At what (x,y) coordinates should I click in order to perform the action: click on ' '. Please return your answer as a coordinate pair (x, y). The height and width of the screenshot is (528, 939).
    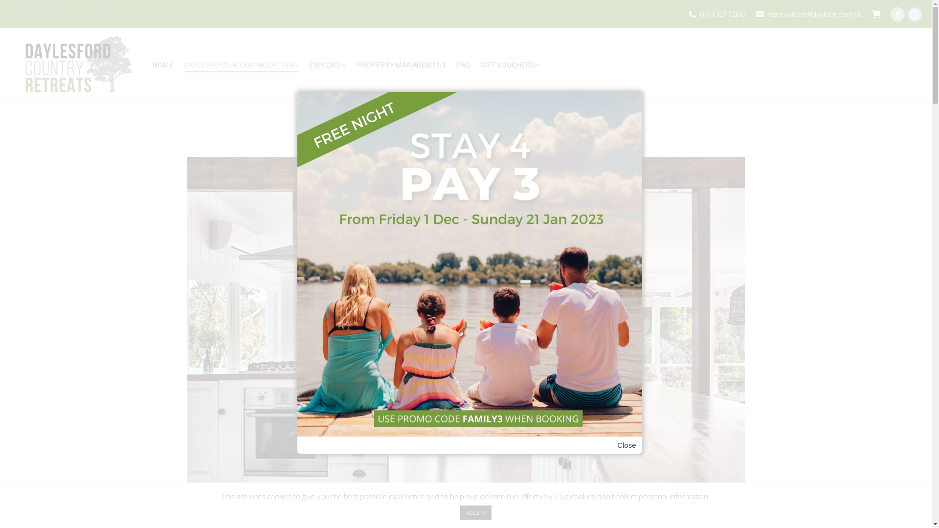
    Looking at the image, I should click on (876, 14).